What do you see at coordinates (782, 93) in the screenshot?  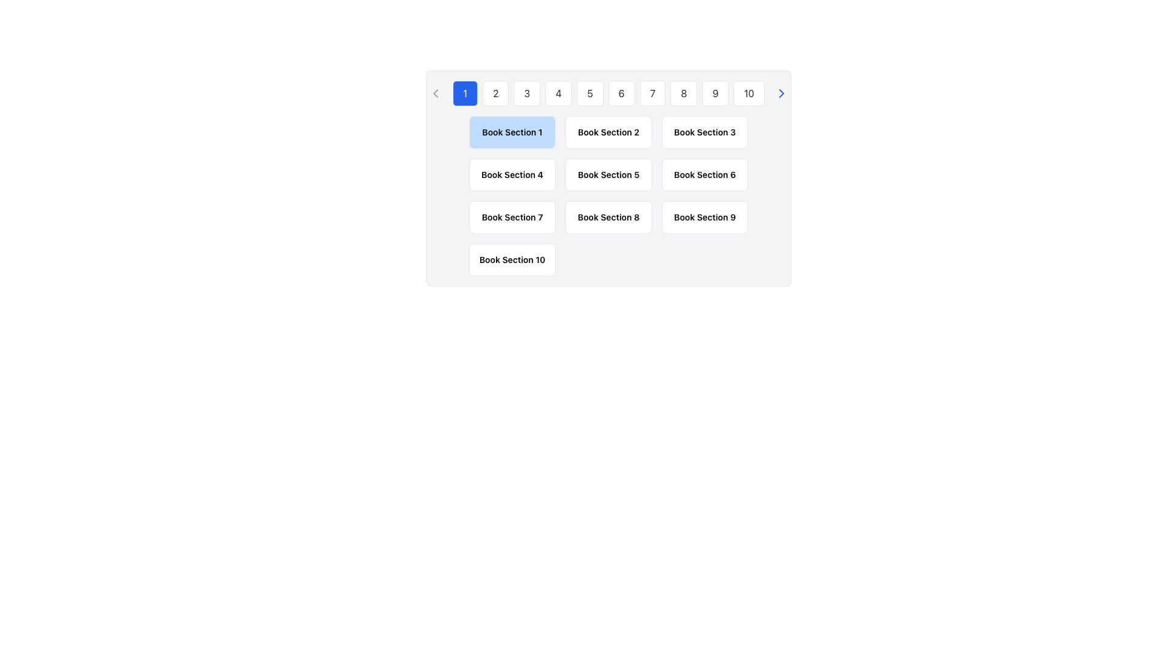 I see `the blue chevron icon button located at the far right end of the horizontal navigation bar` at bounding box center [782, 93].